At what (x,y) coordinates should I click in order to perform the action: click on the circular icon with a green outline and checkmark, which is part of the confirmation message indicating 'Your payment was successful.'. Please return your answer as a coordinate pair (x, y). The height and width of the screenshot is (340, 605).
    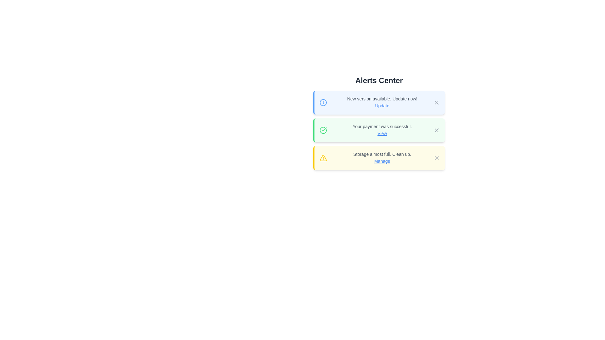
    Looking at the image, I should click on (323, 130).